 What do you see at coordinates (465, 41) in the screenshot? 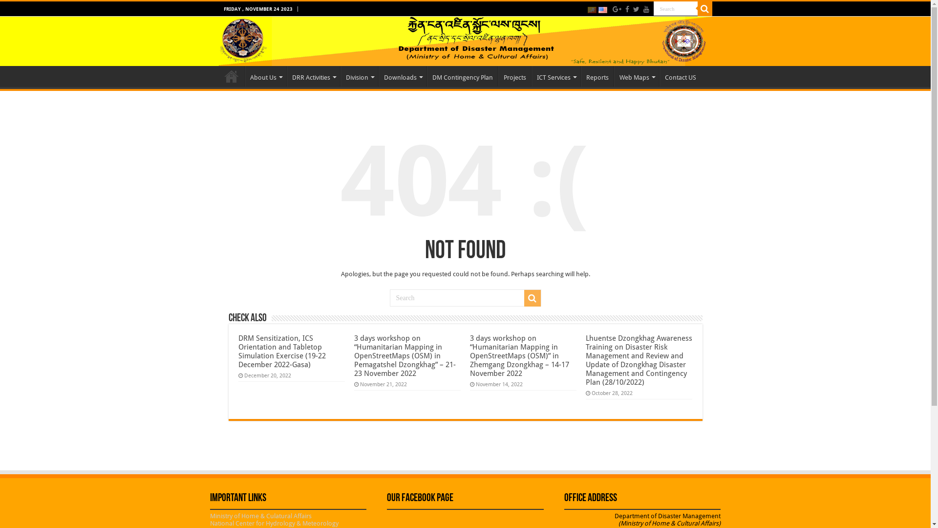
I see `'Department of Disaster Management'` at bounding box center [465, 41].